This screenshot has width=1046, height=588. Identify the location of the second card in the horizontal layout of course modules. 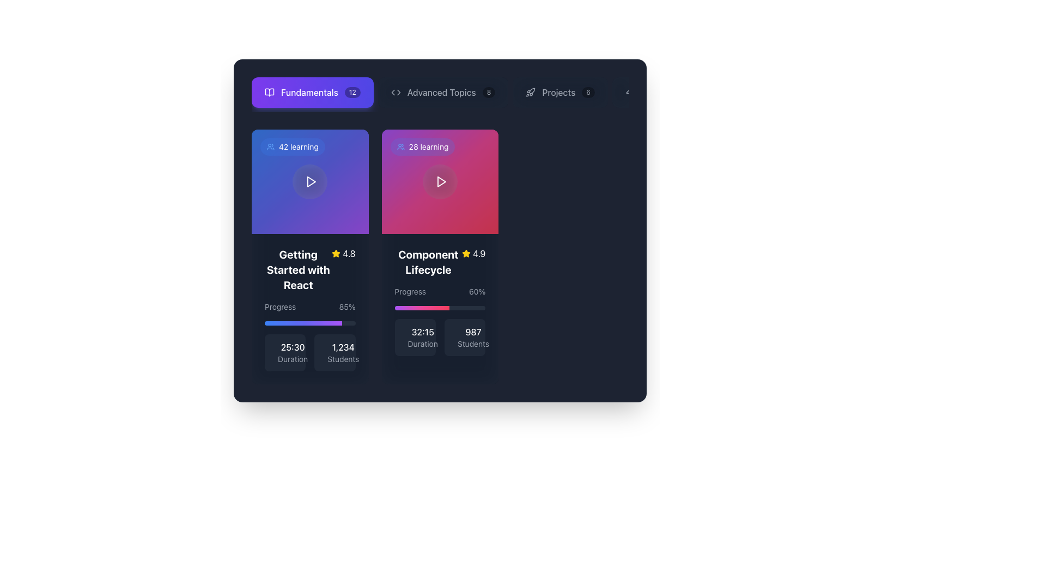
(440, 181).